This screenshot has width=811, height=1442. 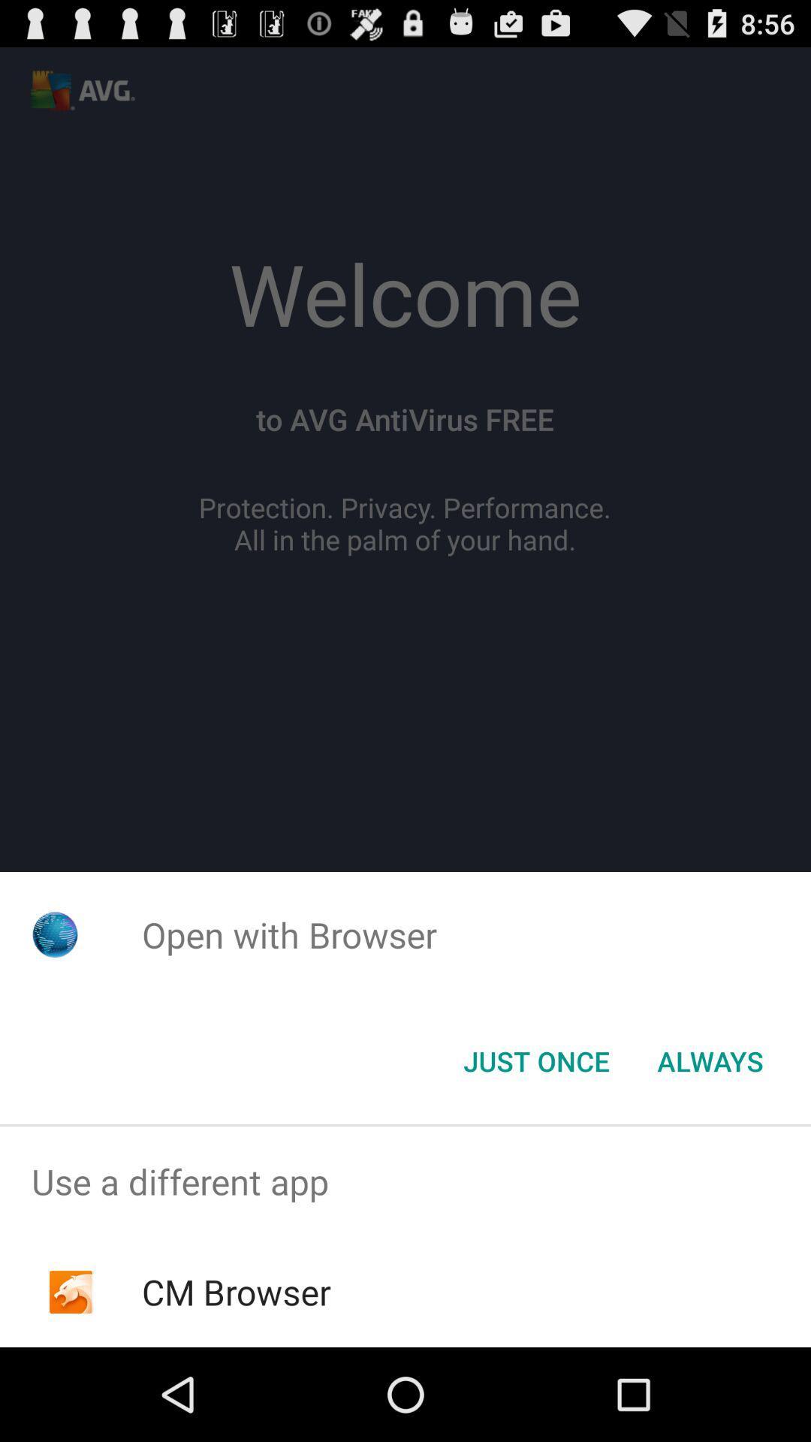 What do you see at coordinates (535, 1060) in the screenshot?
I see `the item below open with browser item` at bounding box center [535, 1060].